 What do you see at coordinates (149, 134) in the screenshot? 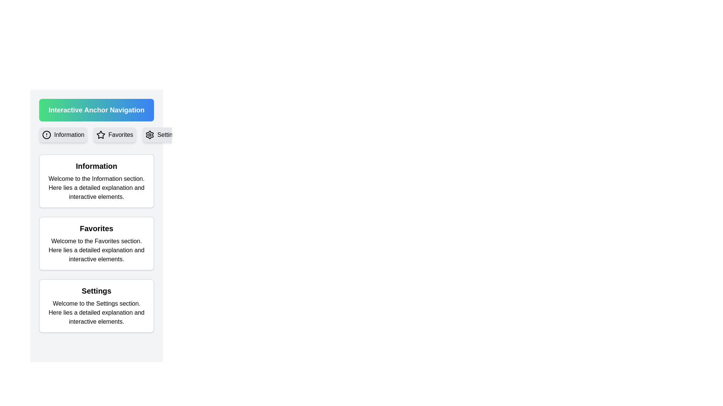
I see `the settings icon located in the bottom right section of the header navigation bar` at bounding box center [149, 134].